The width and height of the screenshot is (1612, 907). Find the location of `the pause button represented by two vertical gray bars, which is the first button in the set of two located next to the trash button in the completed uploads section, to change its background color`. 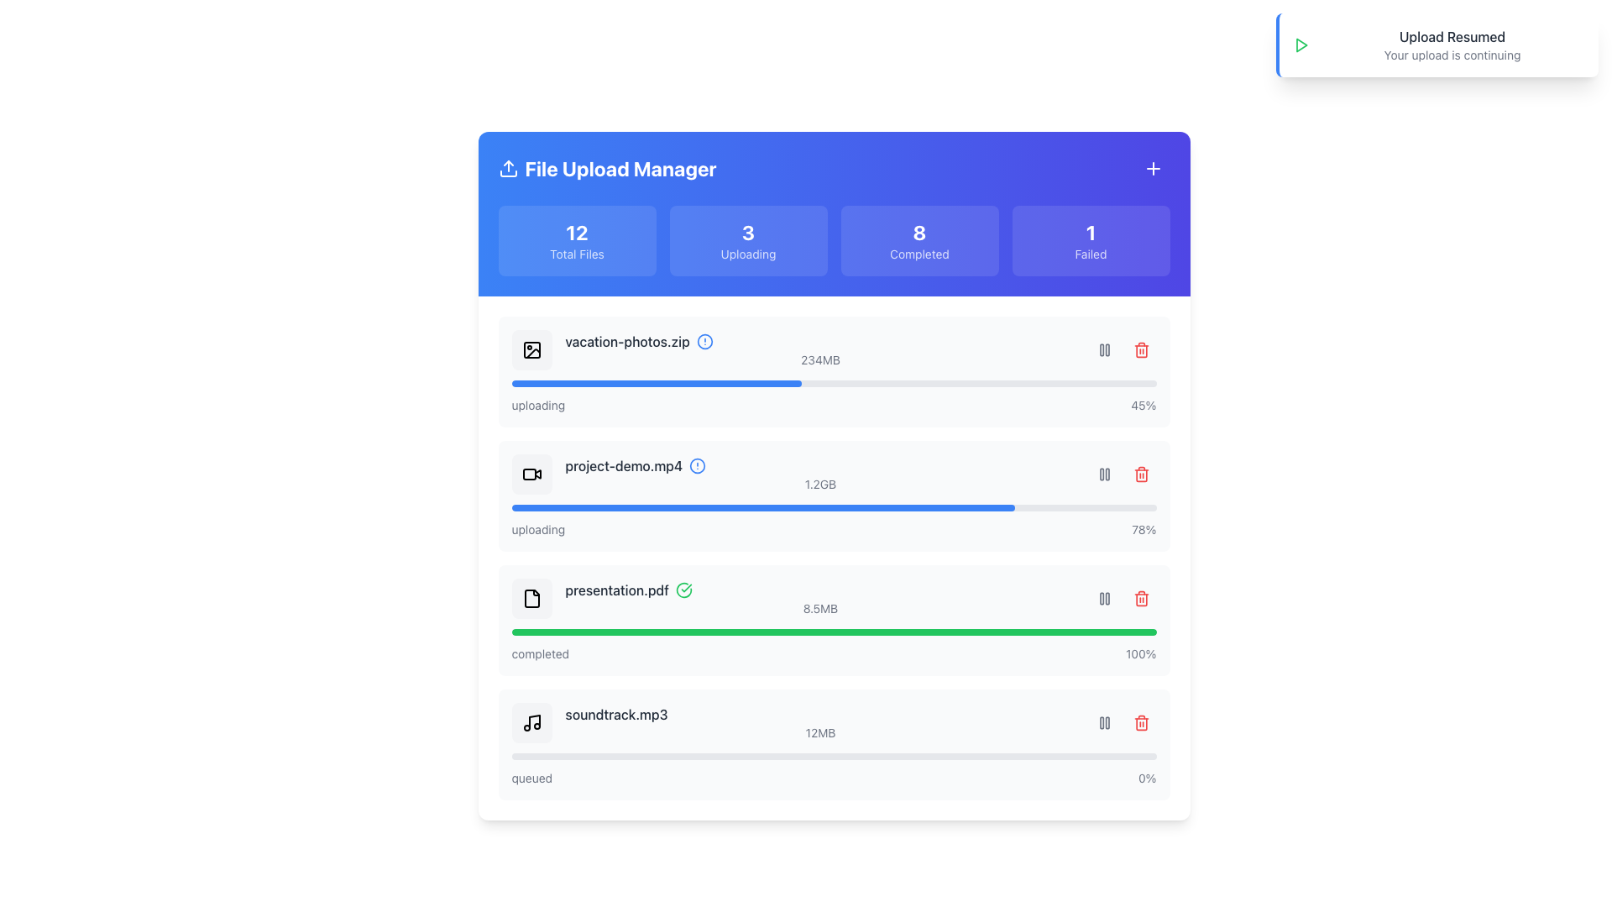

the pause button represented by two vertical gray bars, which is the first button in the set of two located next to the trash button in the completed uploads section, to change its background color is located at coordinates (1104, 598).